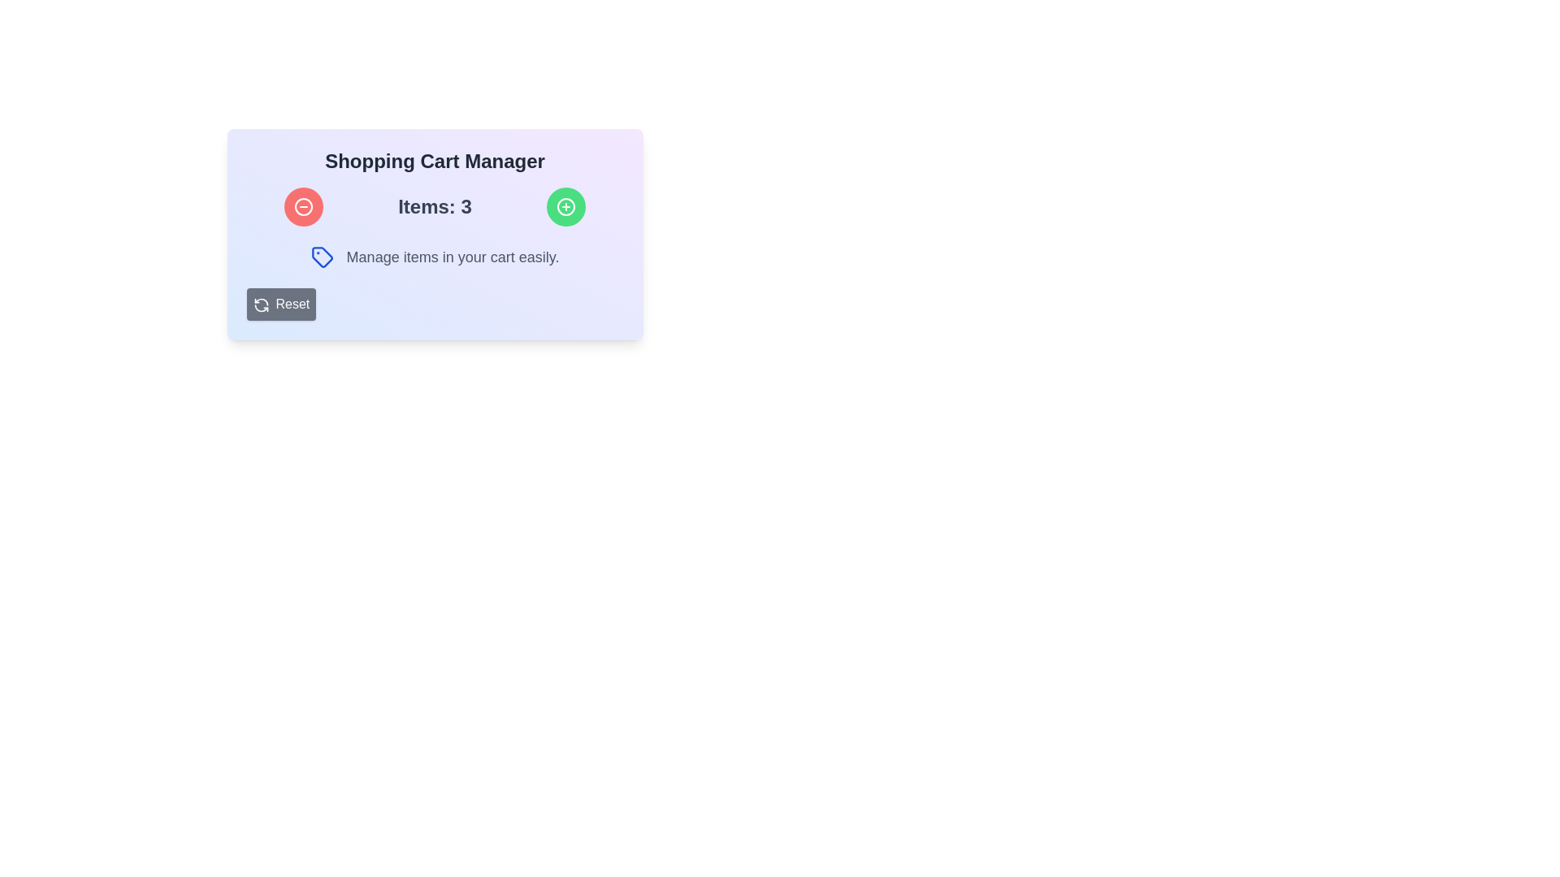 The image size is (1560, 877). Describe the element at coordinates (435, 205) in the screenshot. I see `the text label displaying 'Items: 3' which is centered in the header section of a light-colored card layout, located below 'Shopping Cart Manager'` at that location.